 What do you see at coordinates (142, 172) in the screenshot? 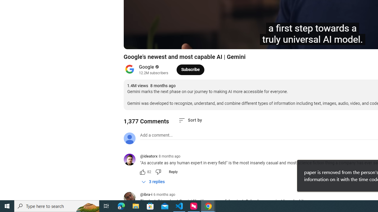
I see `'Like this comment along with 82 other people'` at bounding box center [142, 172].